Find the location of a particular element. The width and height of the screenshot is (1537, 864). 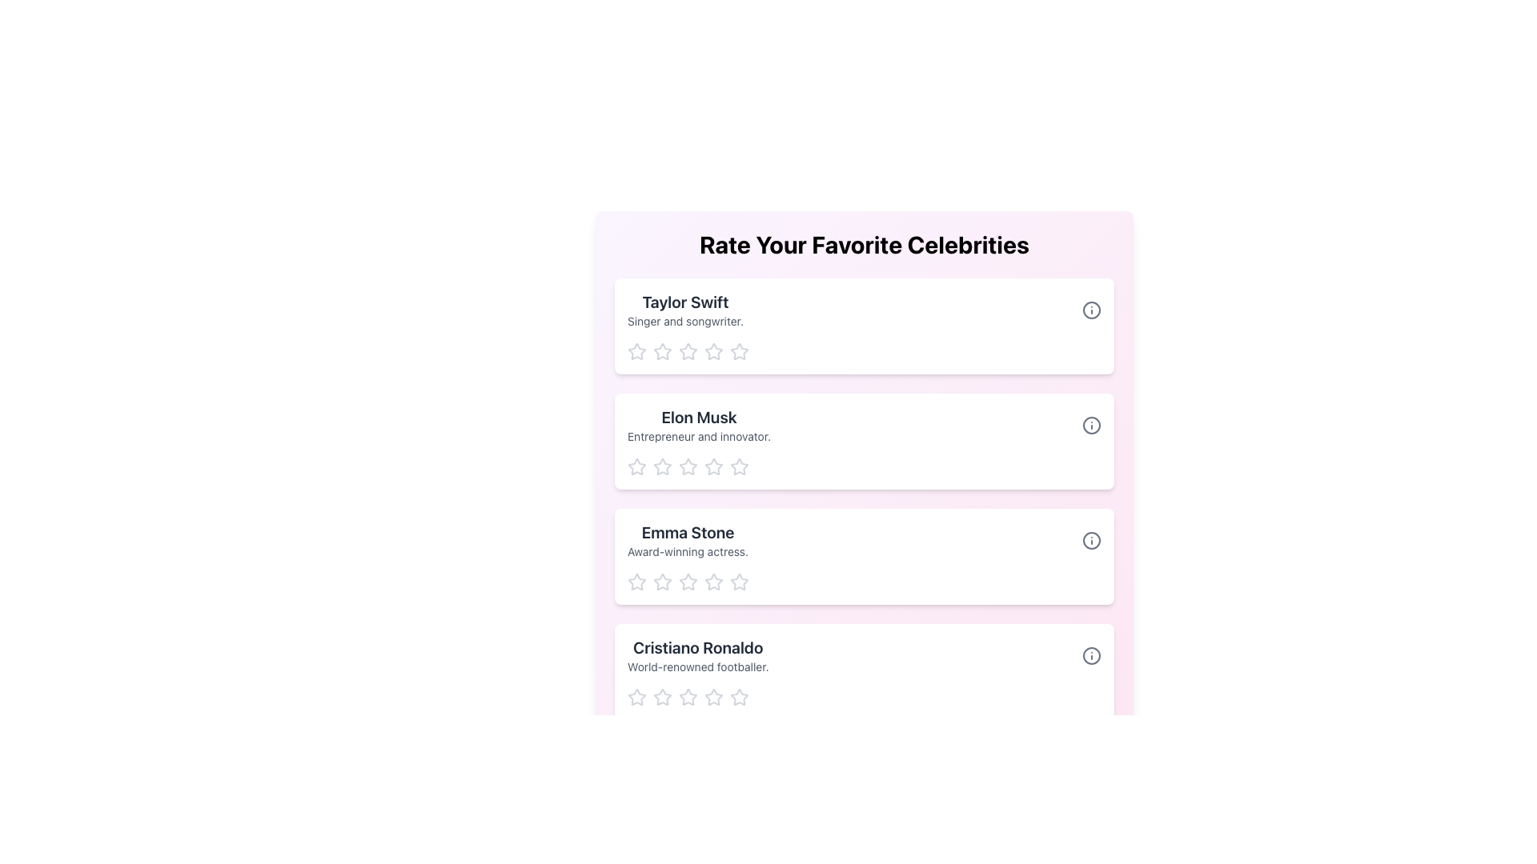

the second rating star icon in the horizontal list for 'Taylor Swift' is located at coordinates (663, 350).